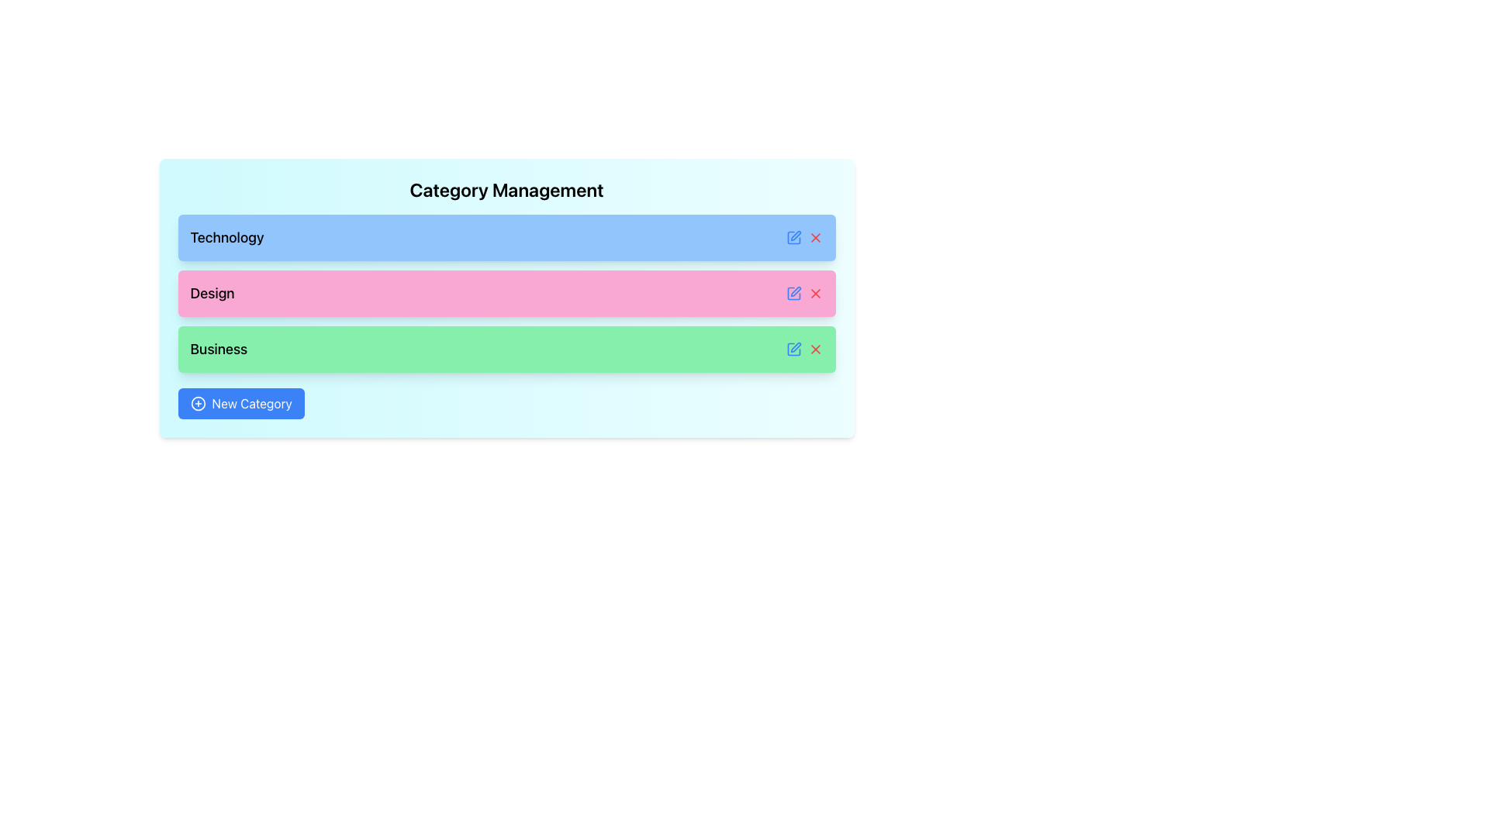 The height and width of the screenshot is (837, 1489). What do you see at coordinates (814, 293) in the screenshot?
I see `the second icon on the right side of the pink 'Design' category bar` at bounding box center [814, 293].